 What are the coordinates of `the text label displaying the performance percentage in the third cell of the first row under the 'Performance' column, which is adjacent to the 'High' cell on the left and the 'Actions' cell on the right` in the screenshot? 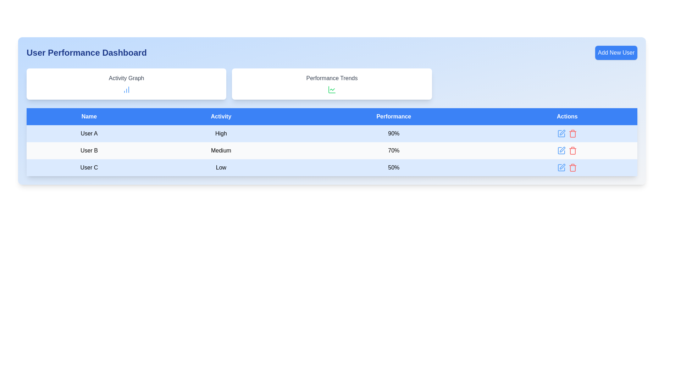 It's located at (393, 134).